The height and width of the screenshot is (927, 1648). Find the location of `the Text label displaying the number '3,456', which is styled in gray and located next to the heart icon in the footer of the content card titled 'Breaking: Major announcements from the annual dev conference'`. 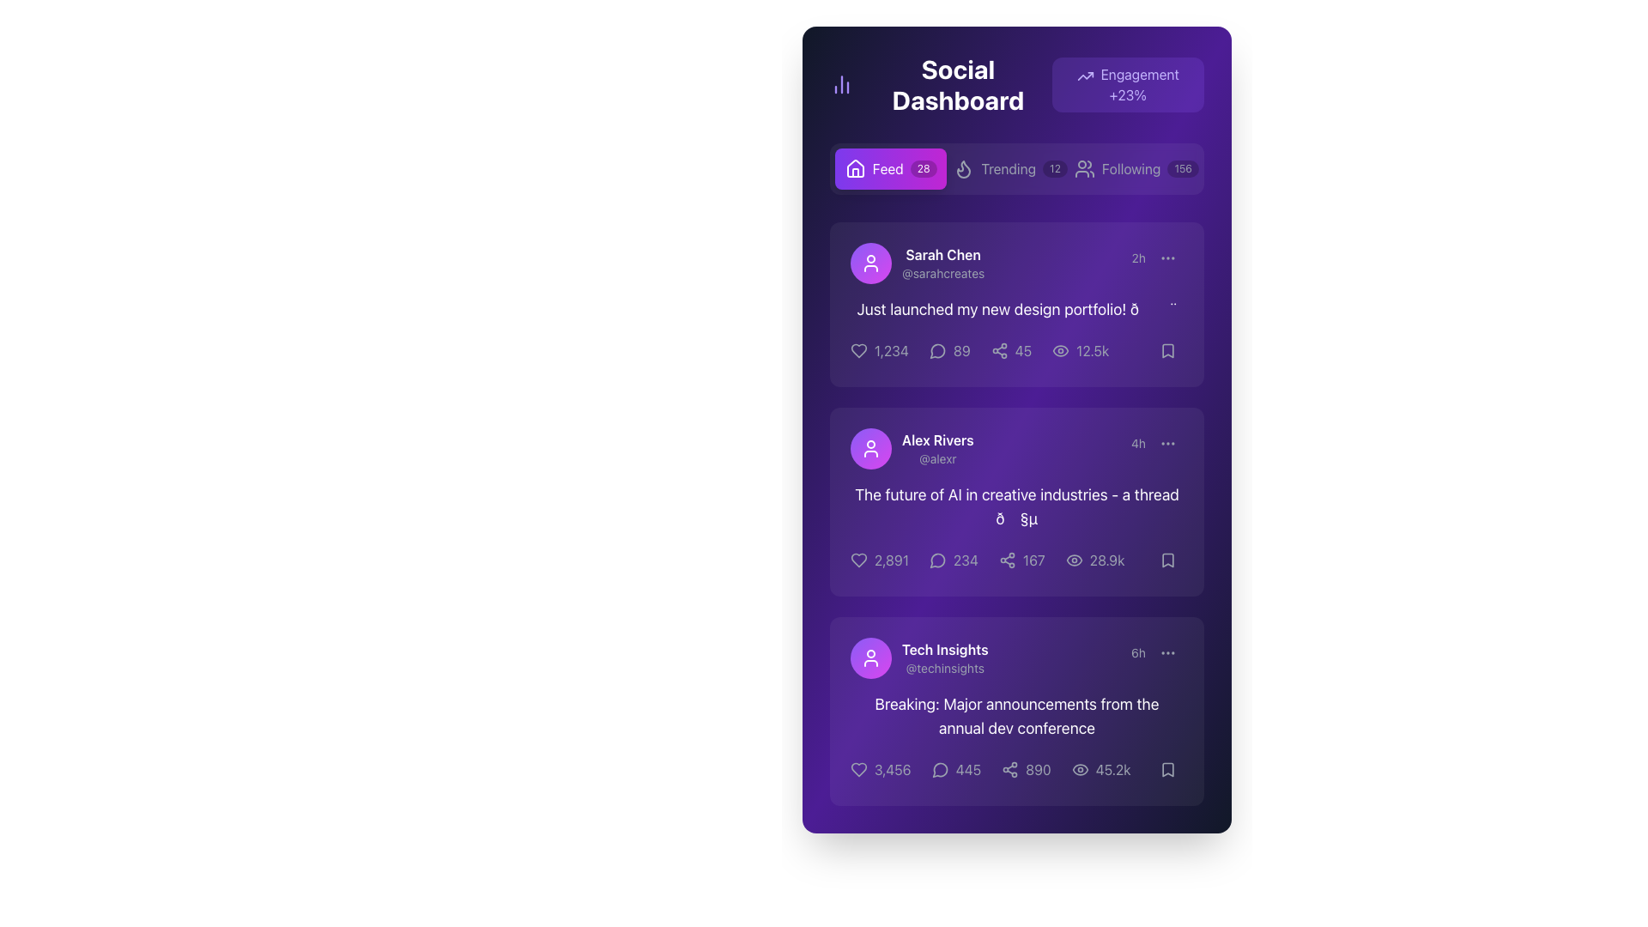

the Text label displaying the number '3,456', which is styled in gray and located next to the heart icon in the footer of the content card titled 'Breaking: Major announcements from the annual dev conference' is located at coordinates (893, 769).